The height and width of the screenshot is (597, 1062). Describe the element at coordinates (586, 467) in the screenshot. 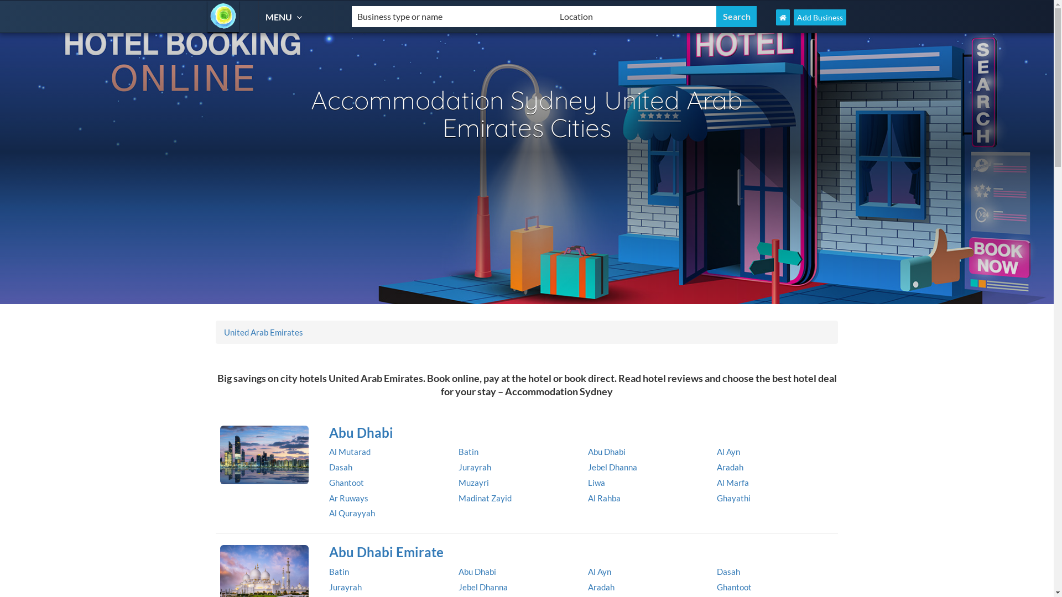

I see `'Jebel Dhanna'` at that location.